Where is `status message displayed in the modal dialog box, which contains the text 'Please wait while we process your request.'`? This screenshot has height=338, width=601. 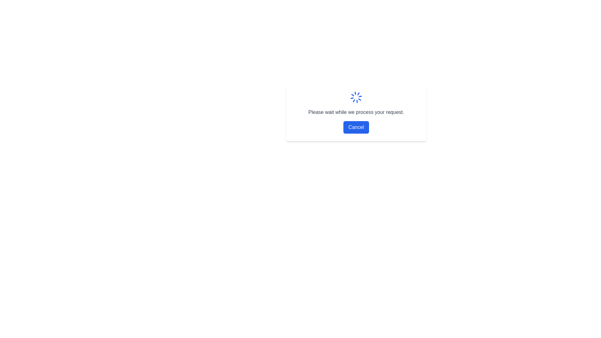
status message displayed in the modal dialog box, which contains the text 'Please wait while we process your request.' is located at coordinates (356, 112).